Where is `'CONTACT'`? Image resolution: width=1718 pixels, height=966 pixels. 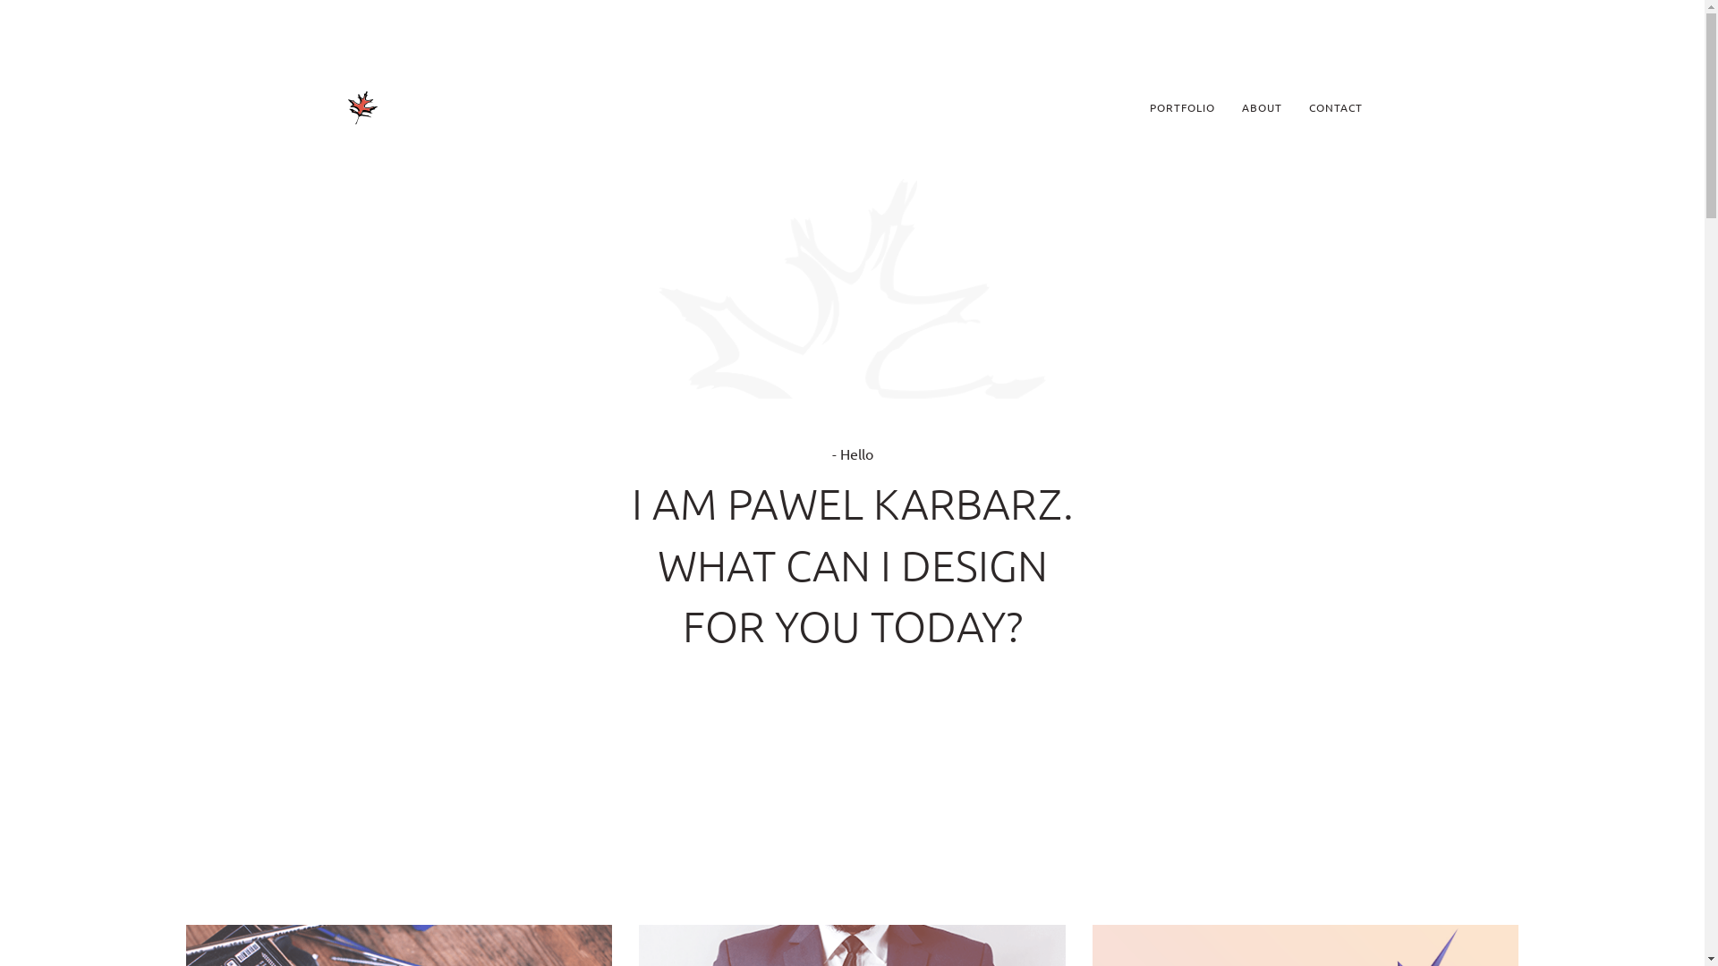 'CONTACT' is located at coordinates (1335, 106).